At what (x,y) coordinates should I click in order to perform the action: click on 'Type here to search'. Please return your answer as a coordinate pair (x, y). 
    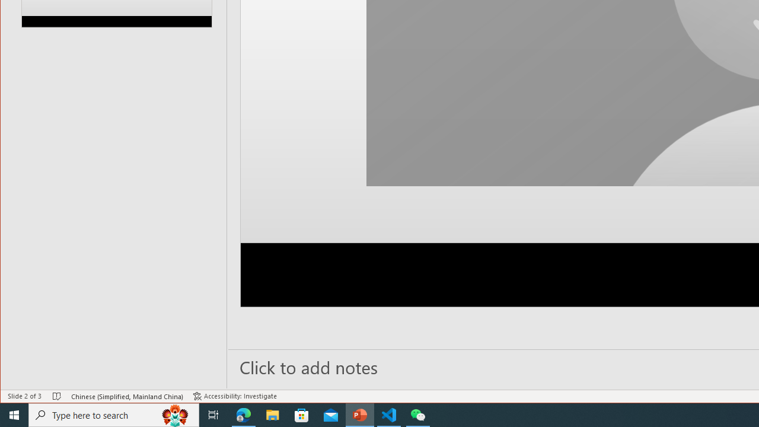
    Looking at the image, I should click on (114, 414).